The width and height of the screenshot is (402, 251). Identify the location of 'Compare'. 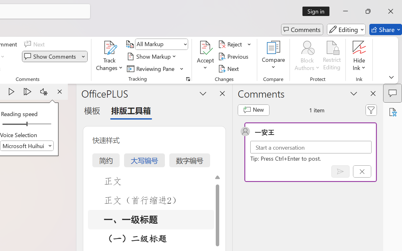
(274, 56).